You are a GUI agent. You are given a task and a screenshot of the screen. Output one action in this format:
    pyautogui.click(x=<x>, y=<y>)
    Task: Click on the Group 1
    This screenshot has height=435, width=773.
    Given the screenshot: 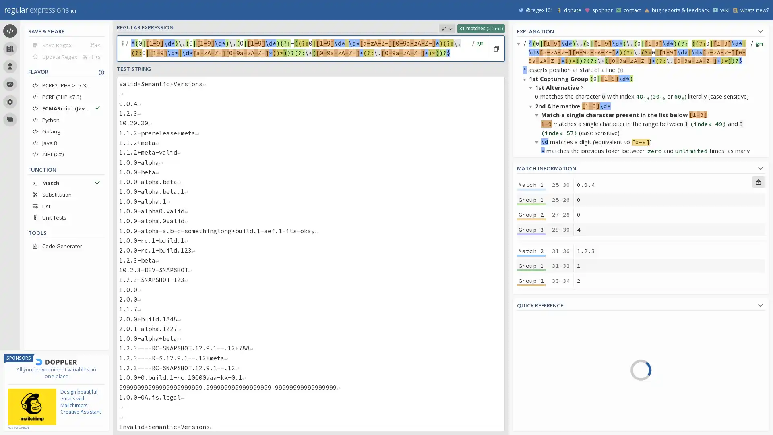 What is the action you would take?
    pyautogui.click(x=531, y=397)
    